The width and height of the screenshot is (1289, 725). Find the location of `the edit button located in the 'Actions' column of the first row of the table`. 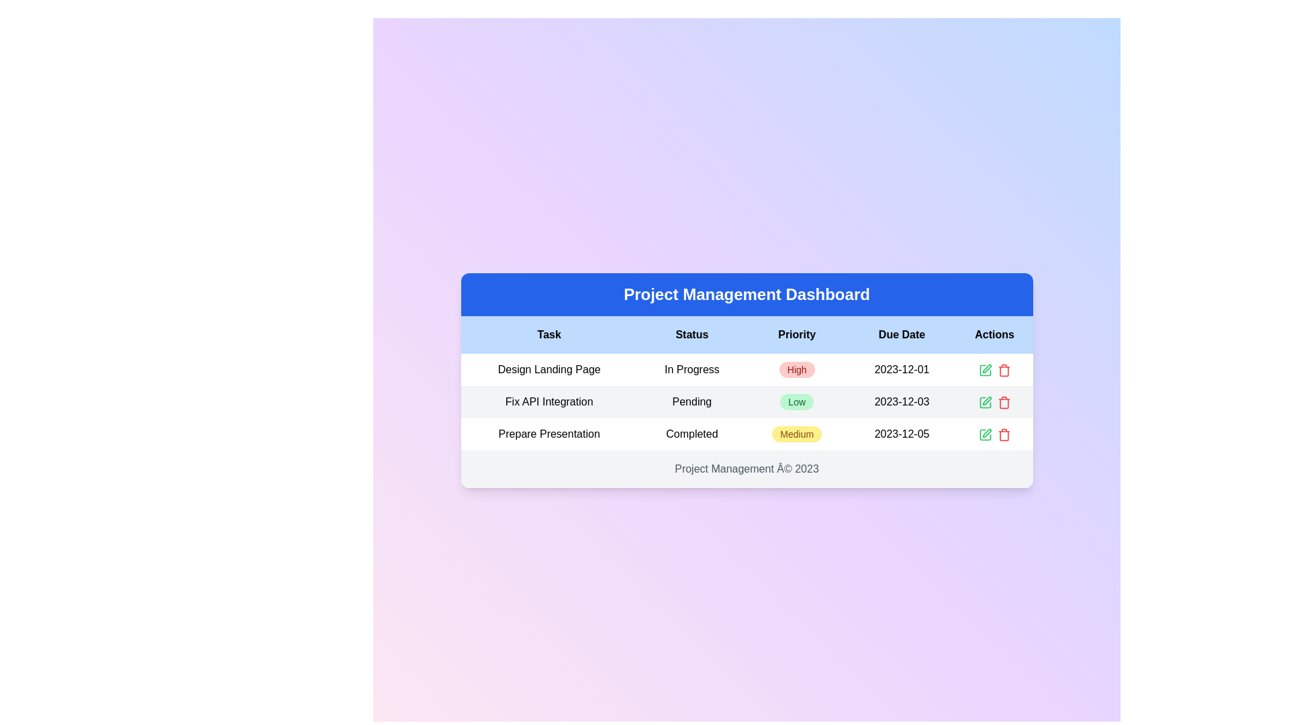

the edit button located in the 'Actions' column of the first row of the table is located at coordinates (985, 370).